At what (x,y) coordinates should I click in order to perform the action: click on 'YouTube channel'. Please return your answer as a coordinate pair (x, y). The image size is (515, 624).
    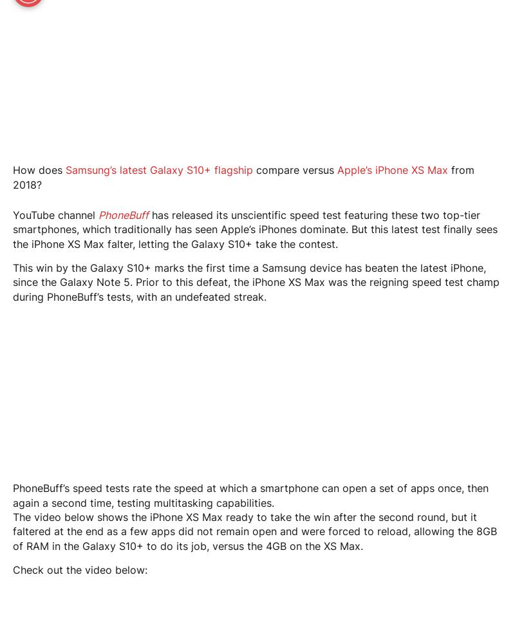
    Looking at the image, I should click on (55, 214).